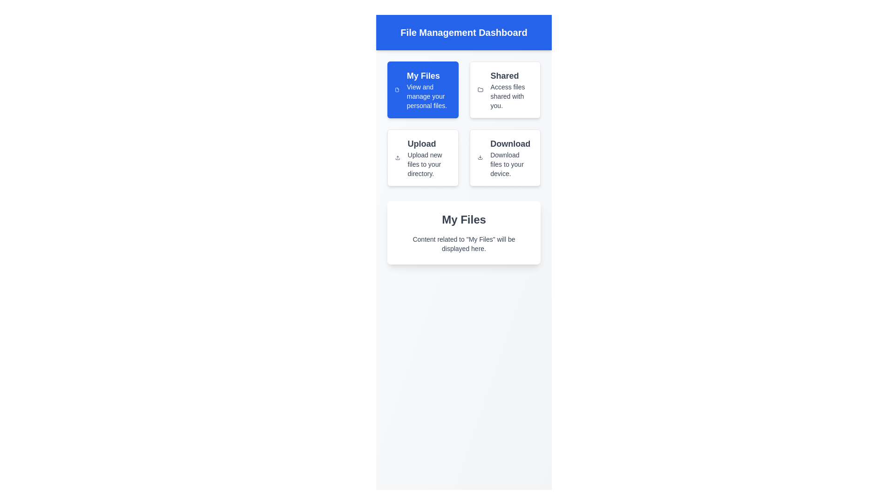 The width and height of the screenshot is (894, 503). Describe the element at coordinates (511, 143) in the screenshot. I see `the 'Download' text element displayed in bold within a rectangular card, located in the second column of the second row of a grid layout` at that location.